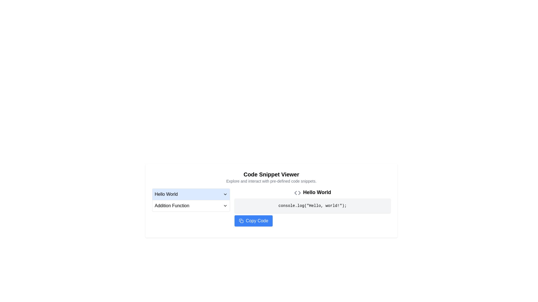 Image resolution: width=538 pixels, height=302 pixels. Describe the element at coordinates (295, 192) in the screenshot. I see `the left-pointing chevron icon located near the text 'Hello World' to navigate or activate adjacent elements` at that location.